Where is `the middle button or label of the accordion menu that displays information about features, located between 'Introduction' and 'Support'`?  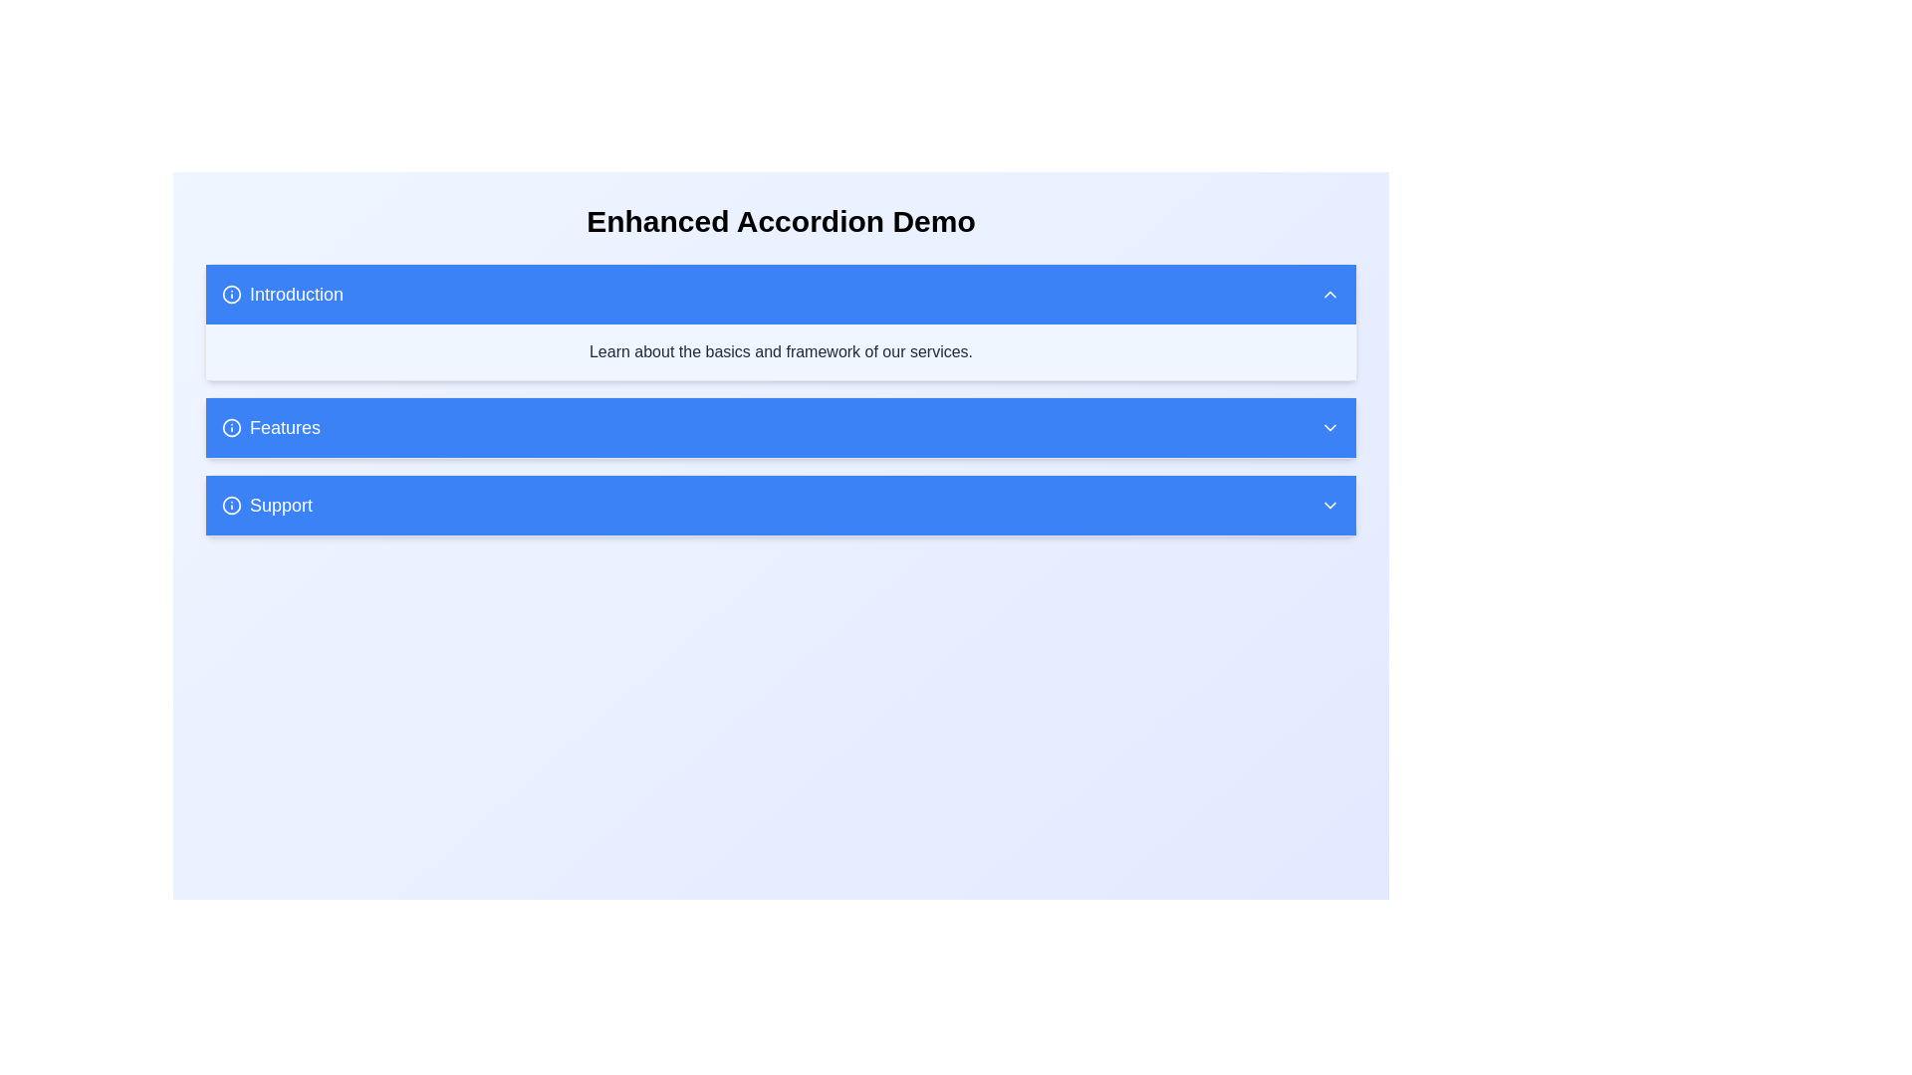
the middle button or label of the accordion menu that displays information about features, located between 'Introduction' and 'Support' is located at coordinates (270, 426).